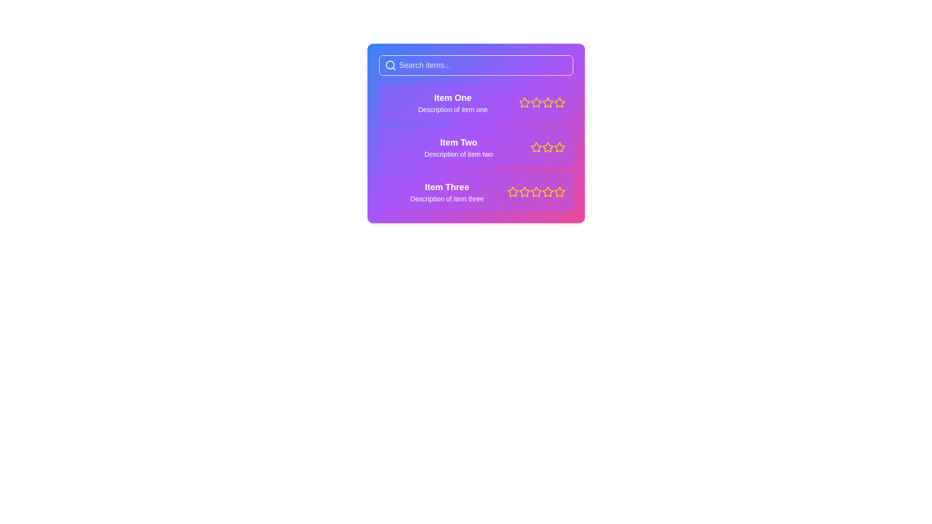 The width and height of the screenshot is (932, 524). Describe the element at coordinates (447, 187) in the screenshot. I see `nearby elements associated with the text label 'Item Three', which is displayed in white on a purple gradient background and is positioned above the description text` at that location.